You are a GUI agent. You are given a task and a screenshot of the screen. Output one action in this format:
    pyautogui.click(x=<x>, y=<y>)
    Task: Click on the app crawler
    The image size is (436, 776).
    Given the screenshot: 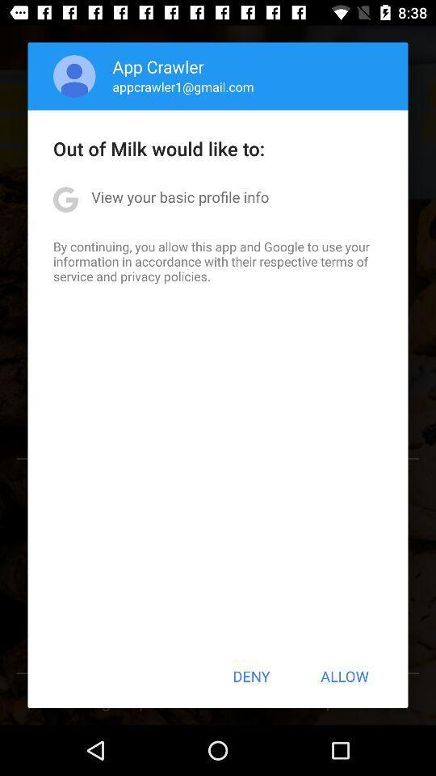 What is the action you would take?
    pyautogui.click(x=158, y=66)
    